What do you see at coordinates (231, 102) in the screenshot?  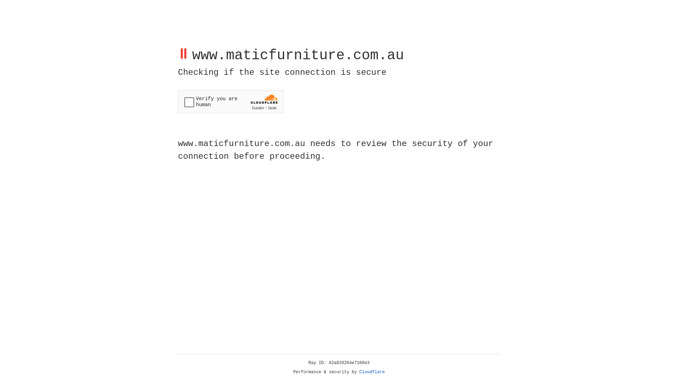 I see `'Widget containing a Cloudflare security challenge'` at bounding box center [231, 102].